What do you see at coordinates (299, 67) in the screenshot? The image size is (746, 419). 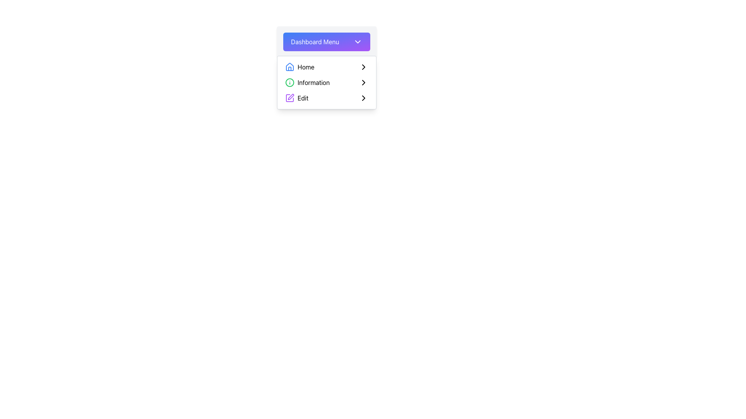 I see `the 'Home' menu item, which is the topmost option in the 'Dashboard Menu' dropdown` at bounding box center [299, 67].